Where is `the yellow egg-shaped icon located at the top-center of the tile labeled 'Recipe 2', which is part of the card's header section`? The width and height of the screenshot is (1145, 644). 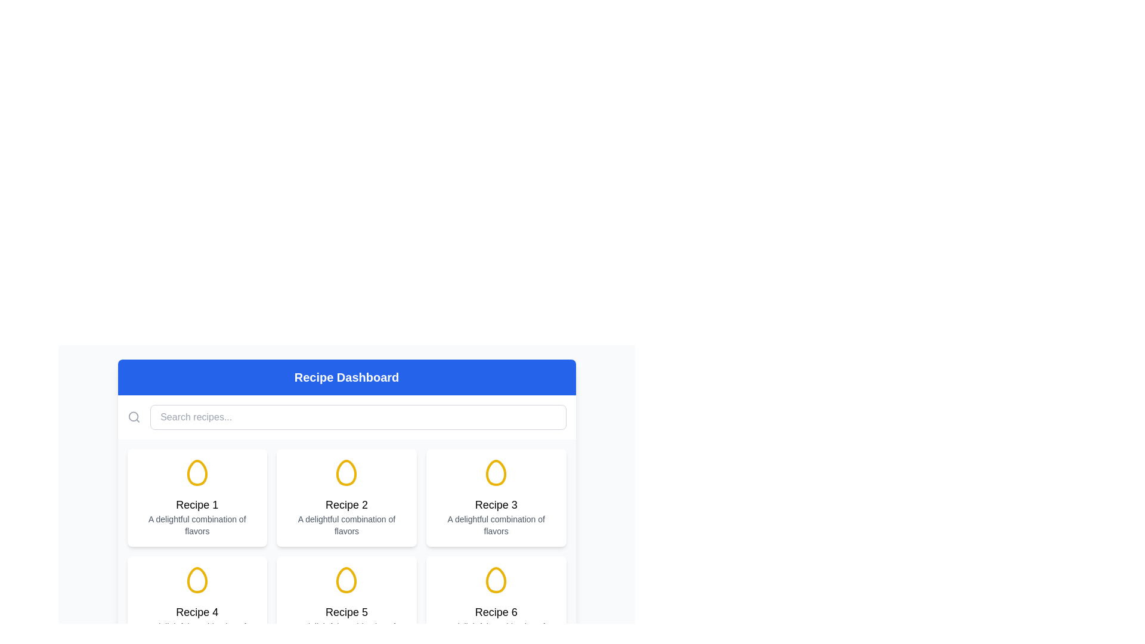
the yellow egg-shaped icon located at the top-center of the tile labeled 'Recipe 2', which is part of the card's header section is located at coordinates (346, 472).